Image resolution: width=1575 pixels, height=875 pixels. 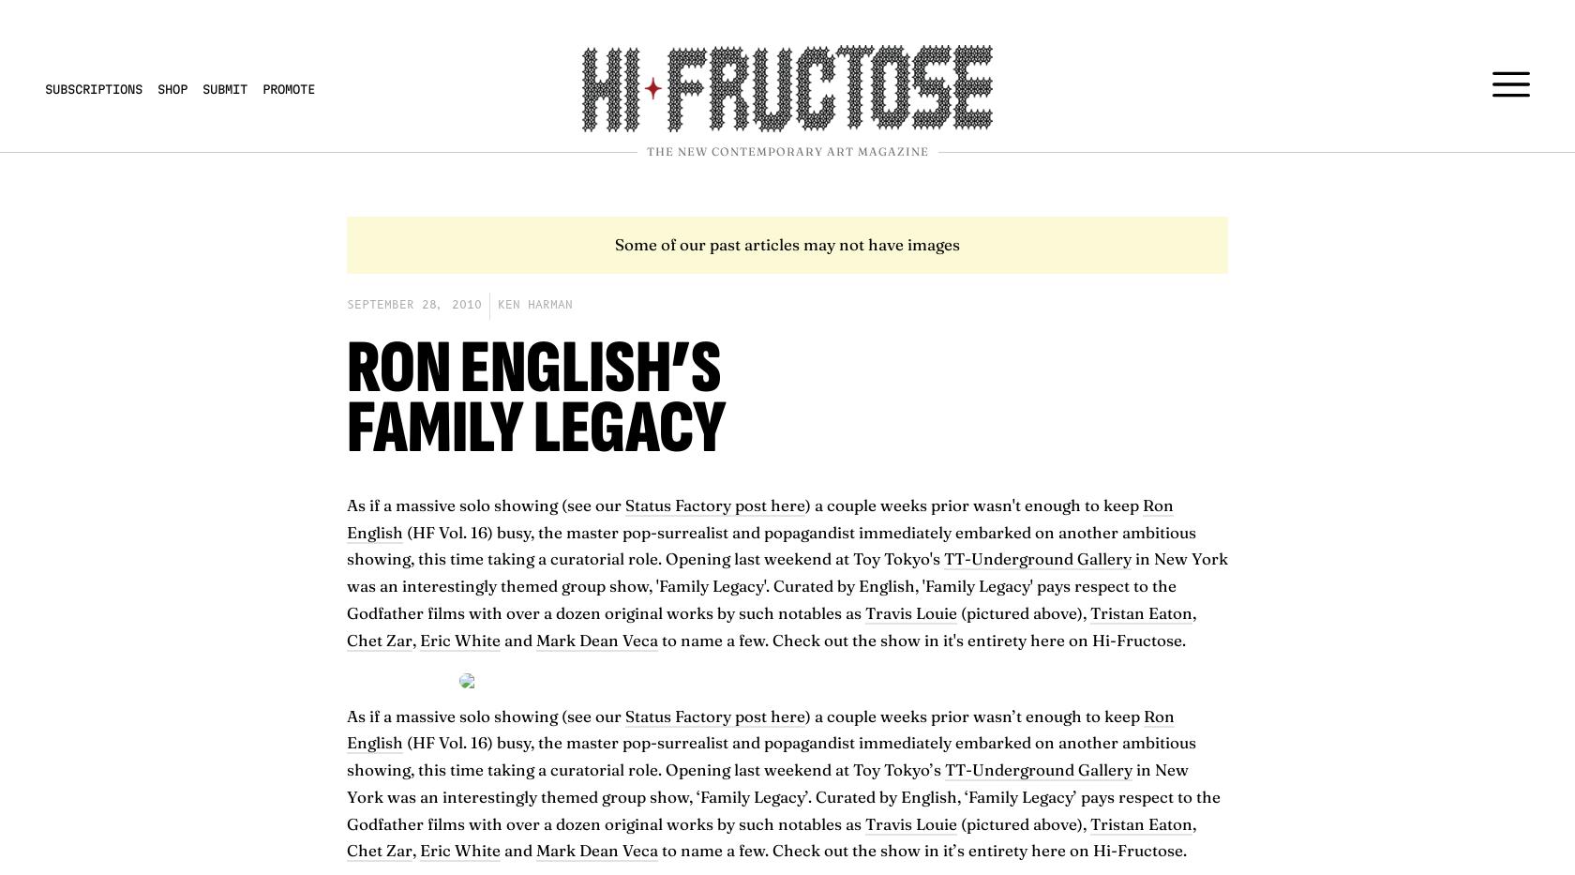 What do you see at coordinates (974, 503) in the screenshot?
I see `') a couple weeks prior wasn't enough to keep'` at bounding box center [974, 503].